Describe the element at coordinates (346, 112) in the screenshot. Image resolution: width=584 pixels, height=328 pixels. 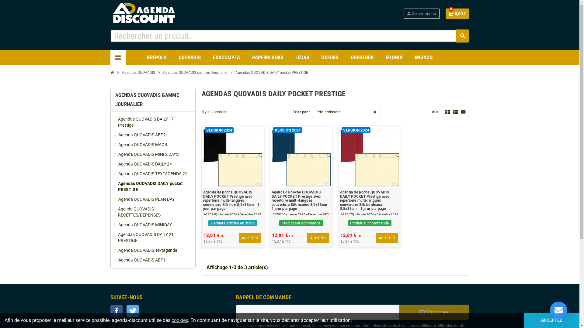
I see `'Prix, croissant'` at that location.